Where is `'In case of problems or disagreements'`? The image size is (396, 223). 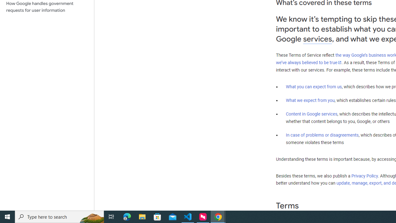 'In case of problems or disagreements' is located at coordinates (322, 134).